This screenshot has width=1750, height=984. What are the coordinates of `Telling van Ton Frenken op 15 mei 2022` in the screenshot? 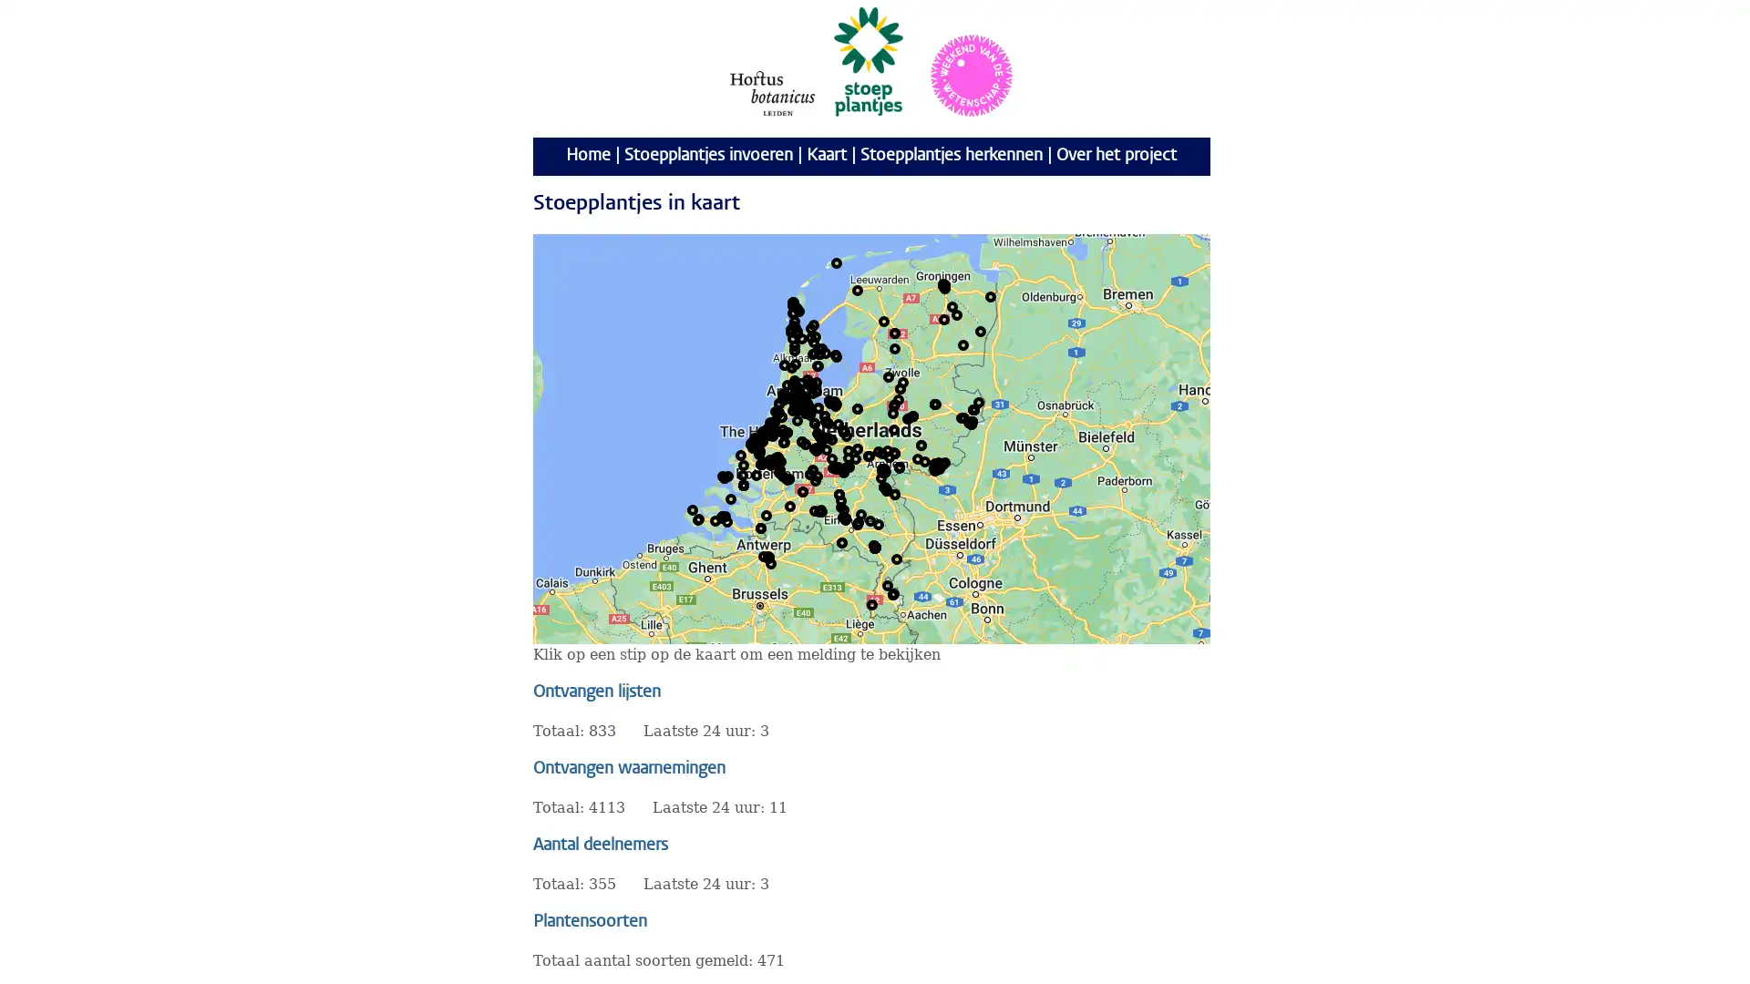 It's located at (875, 547).